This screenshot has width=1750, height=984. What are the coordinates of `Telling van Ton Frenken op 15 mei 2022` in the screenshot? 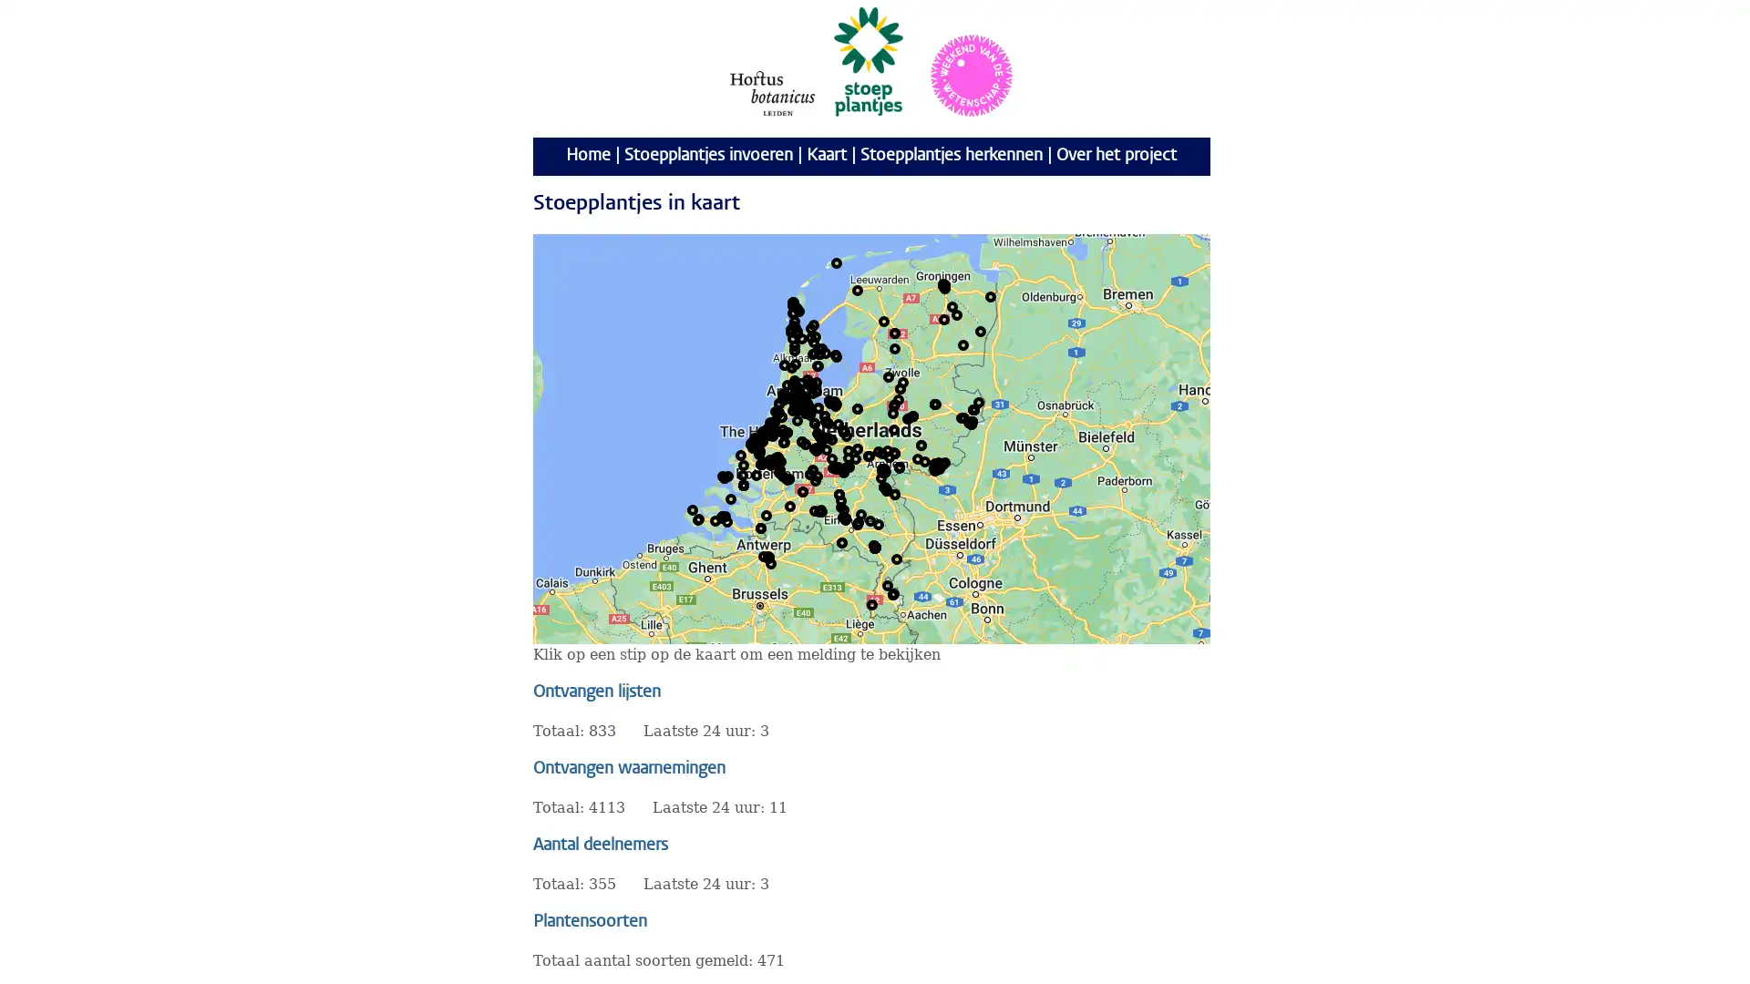 It's located at (875, 547).